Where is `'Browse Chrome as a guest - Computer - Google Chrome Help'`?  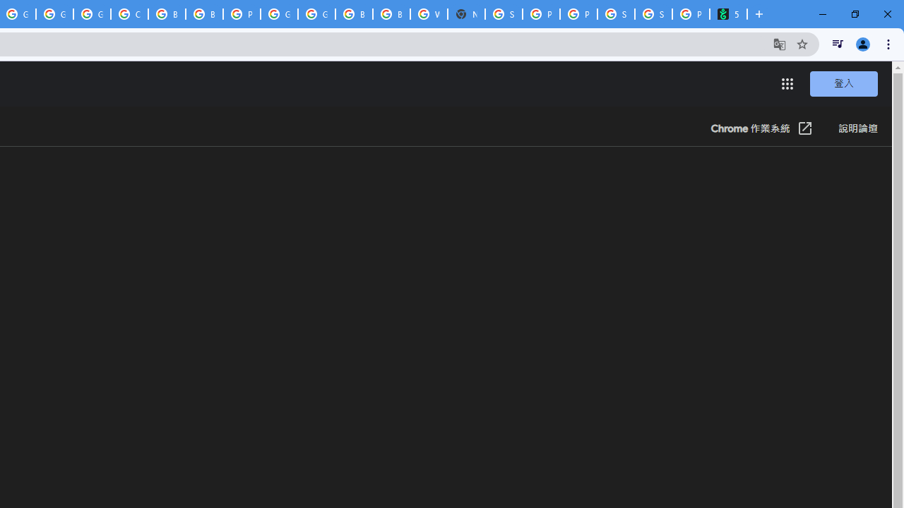 'Browse Chrome as a guest - Computer - Google Chrome Help' is located at coordinates (167, 14).